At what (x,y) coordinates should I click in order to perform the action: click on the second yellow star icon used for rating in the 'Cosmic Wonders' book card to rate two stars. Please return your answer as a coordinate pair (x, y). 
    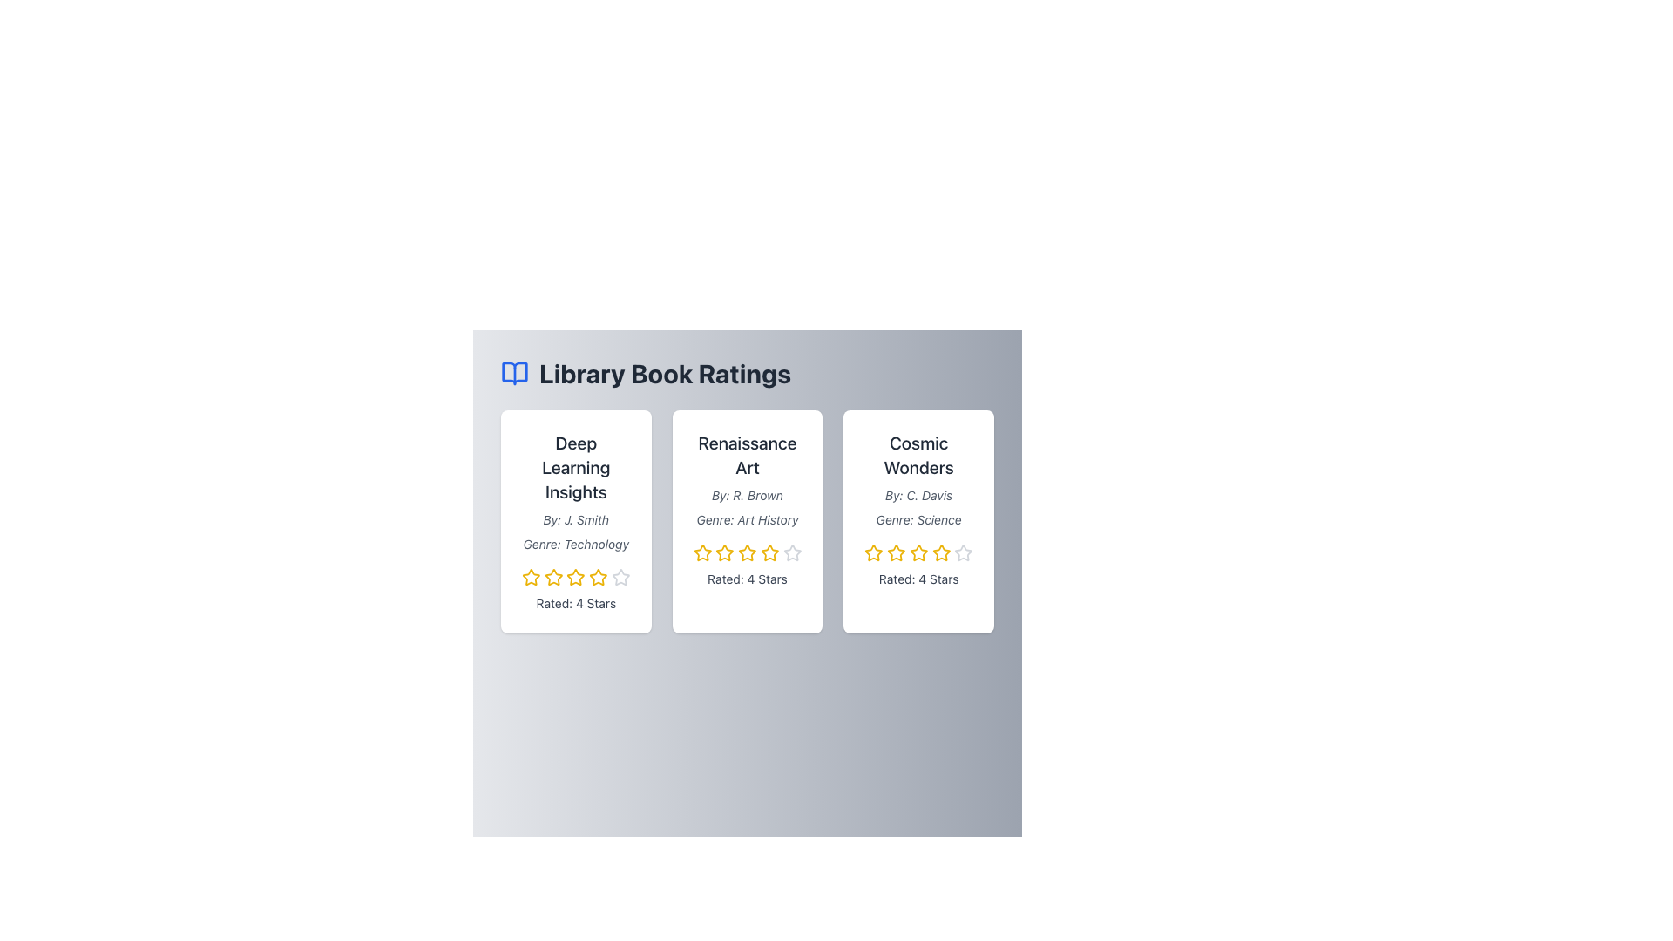
    Looking at the image, I should click on (874, 553).